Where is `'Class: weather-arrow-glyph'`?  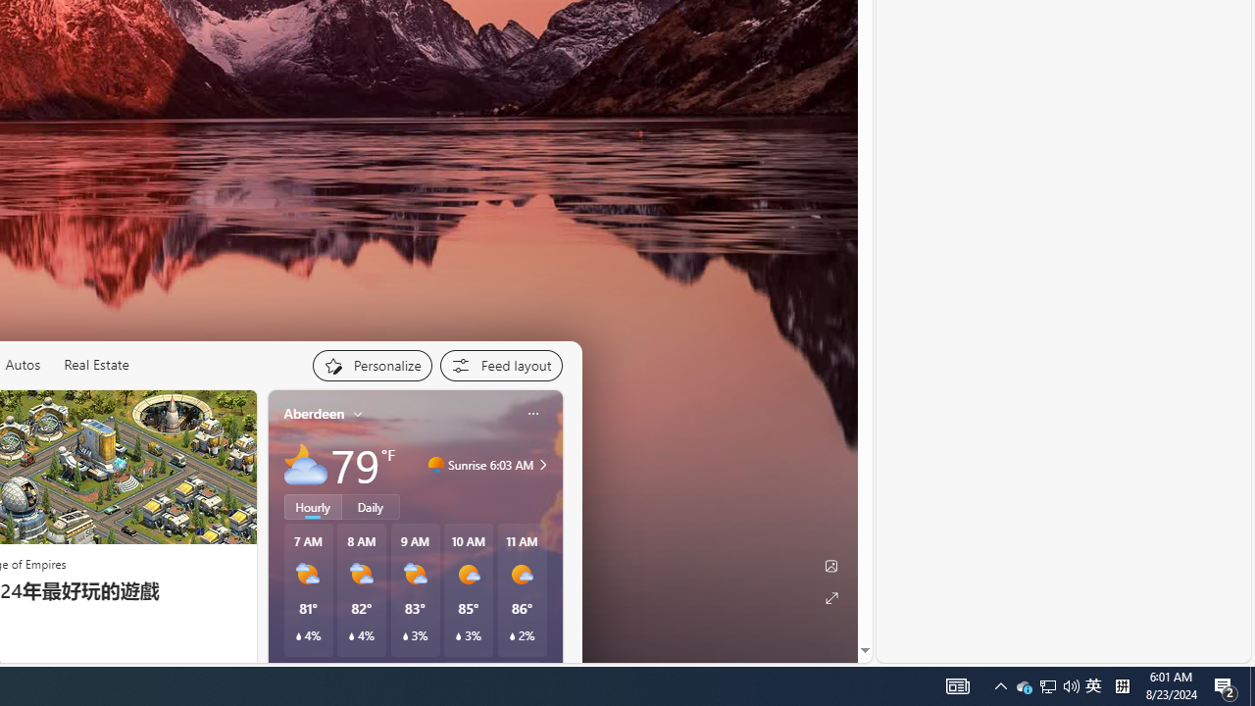 'Class: weather-arrow-glyph' is located at coordinates (543, 465).